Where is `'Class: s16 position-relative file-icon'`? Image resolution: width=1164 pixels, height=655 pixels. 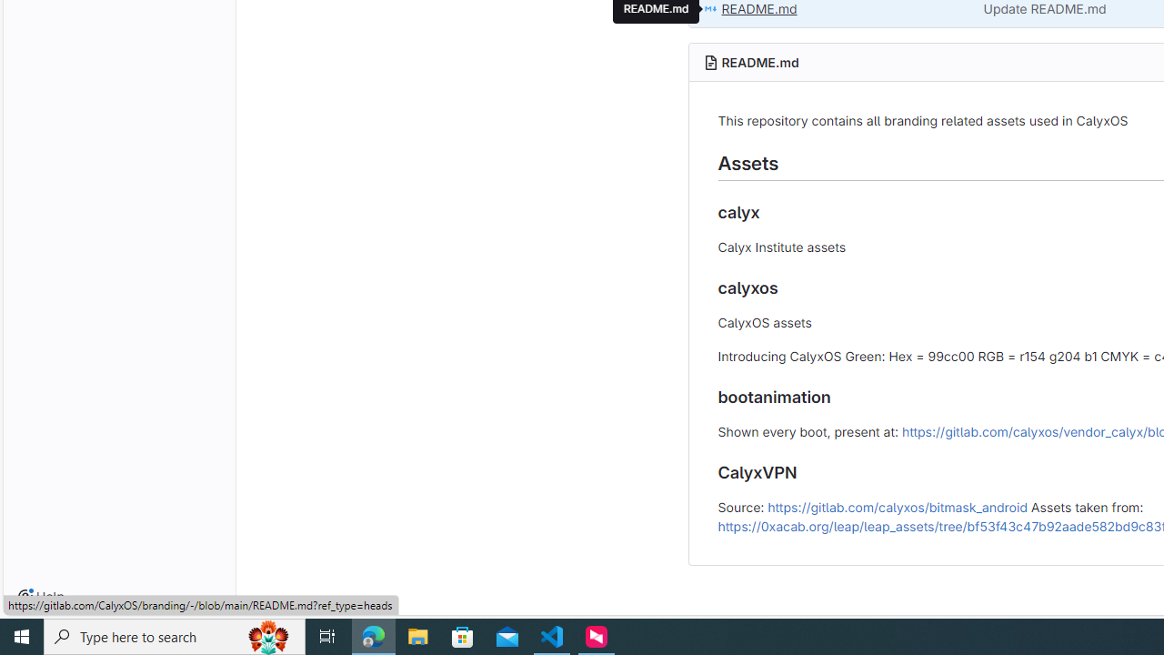 'Class: s16 position-relative file-icon' is located at coordinates (709, 9).